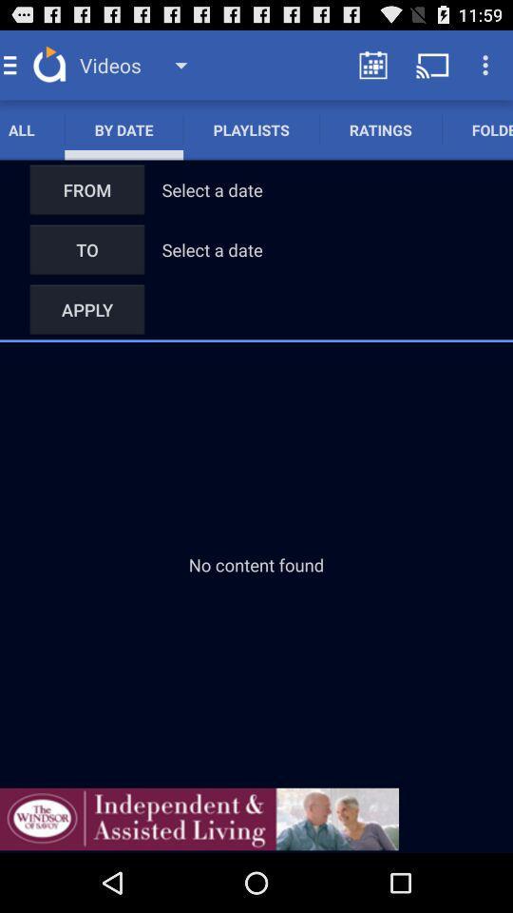 Image resolution: width=513 pixels, height=913 pixels. What do you see at coordinates (199, 818) in the screenshot?
I see `independent assisted living advertisement` at bounding box center [199, 818].